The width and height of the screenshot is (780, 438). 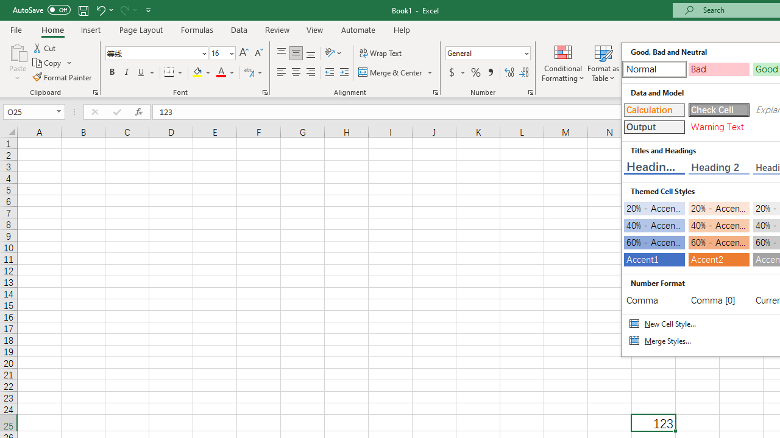 I want to click on 'Wrap Text', so click(x=380, y=52).